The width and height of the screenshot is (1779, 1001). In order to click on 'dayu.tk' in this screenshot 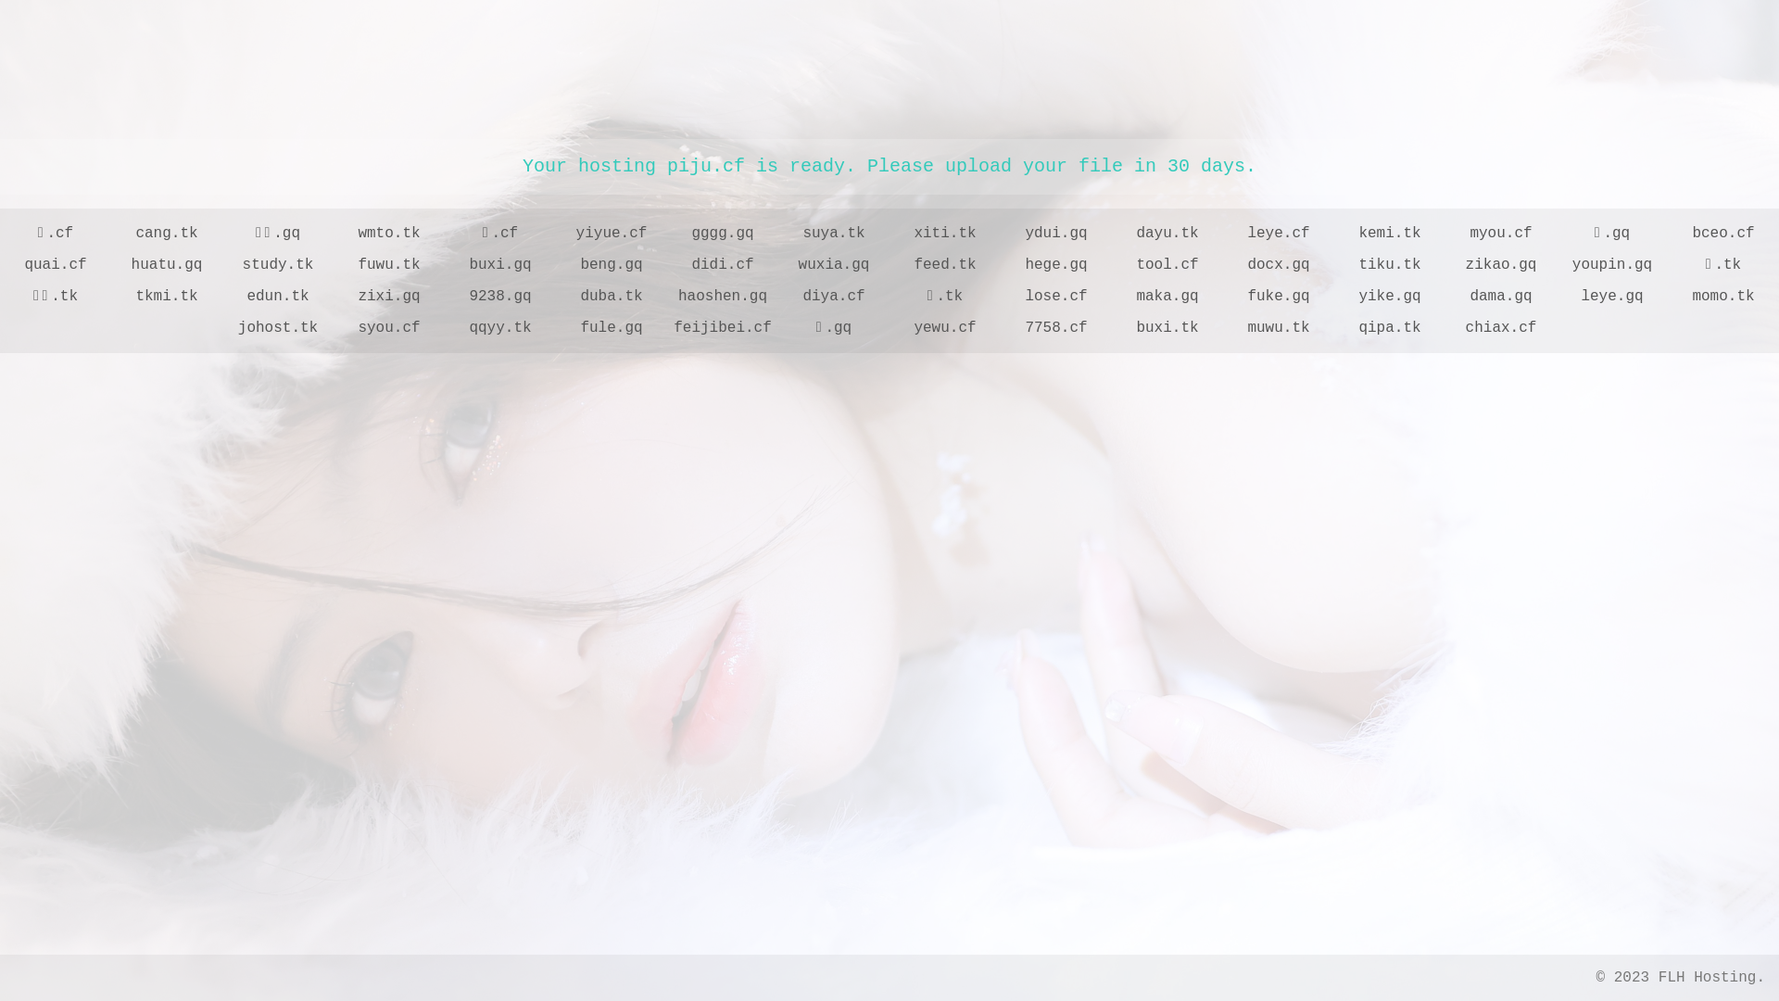, I will do `click(1166, 232)`.